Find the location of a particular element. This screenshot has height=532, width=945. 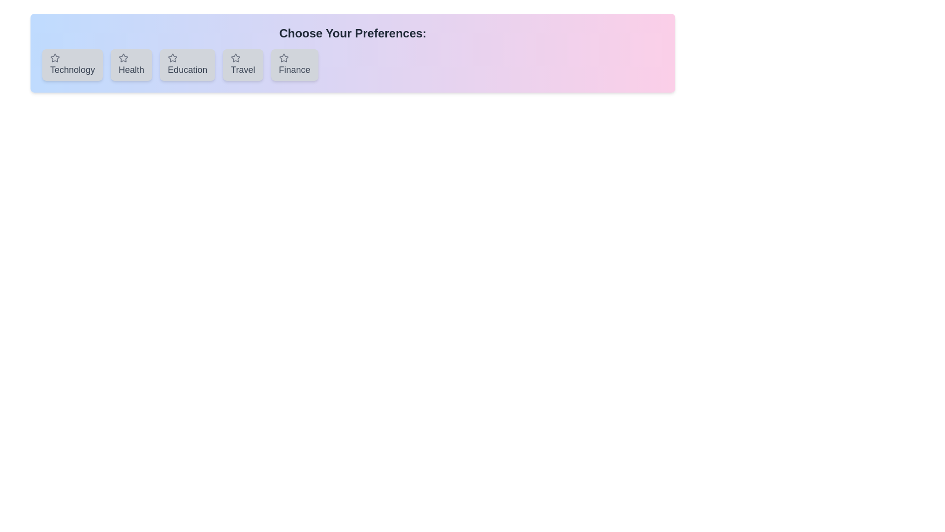

the preference button labeled Finance to toggle its selection state is located at coordinates (294, 65).